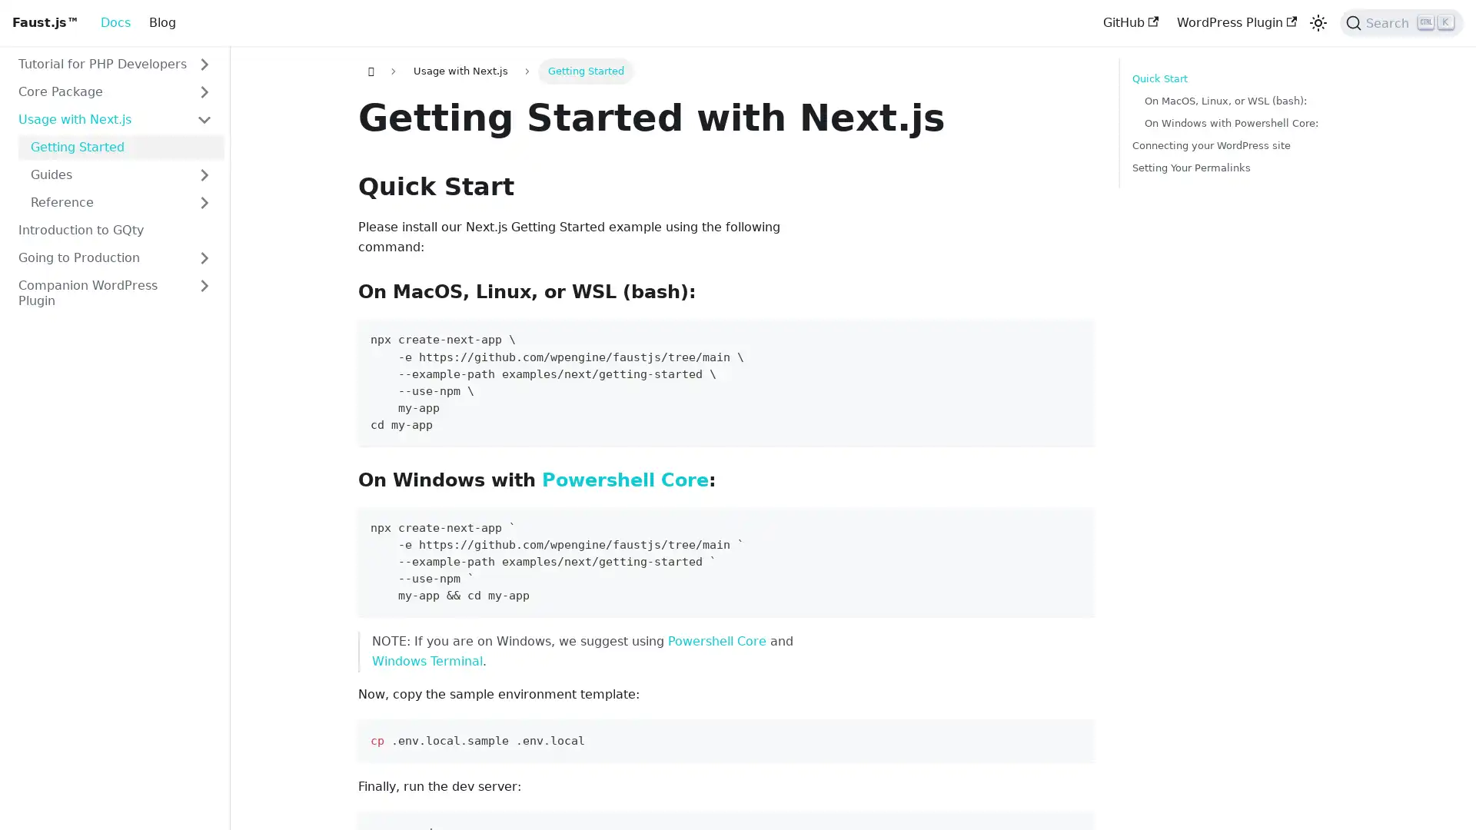  Describe the element at coordinates (1075, 337) in the screenshot. I see `Copy code to clipboard` at that location.